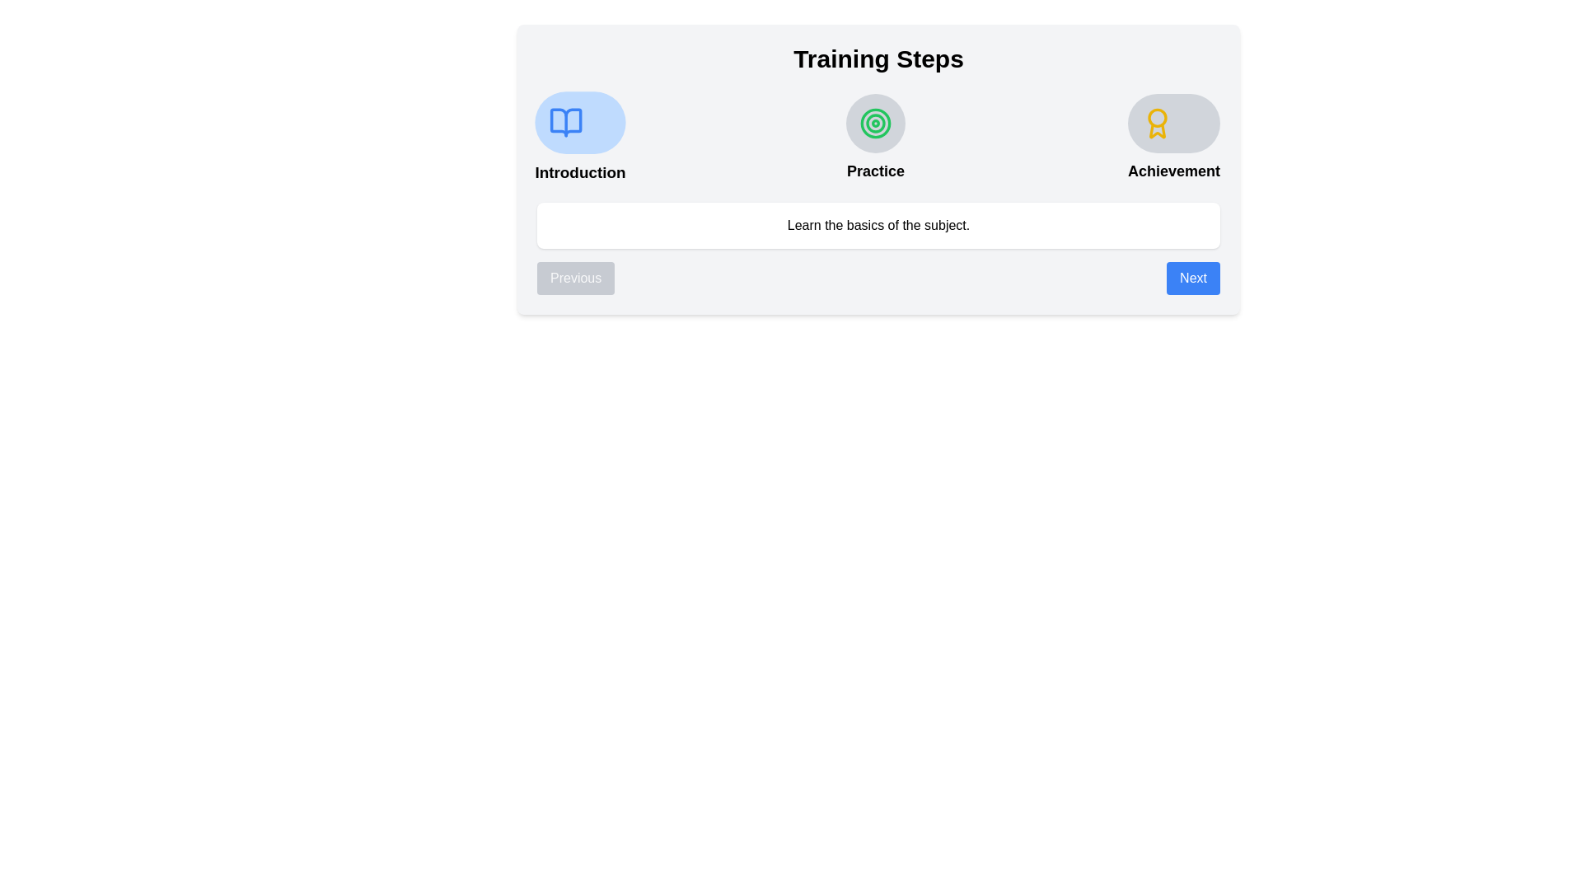 Image resolution: width=1582 pixels, height=890 pixels. I want to click on 'Next' button to advance to the next step, so click(1193, 278).